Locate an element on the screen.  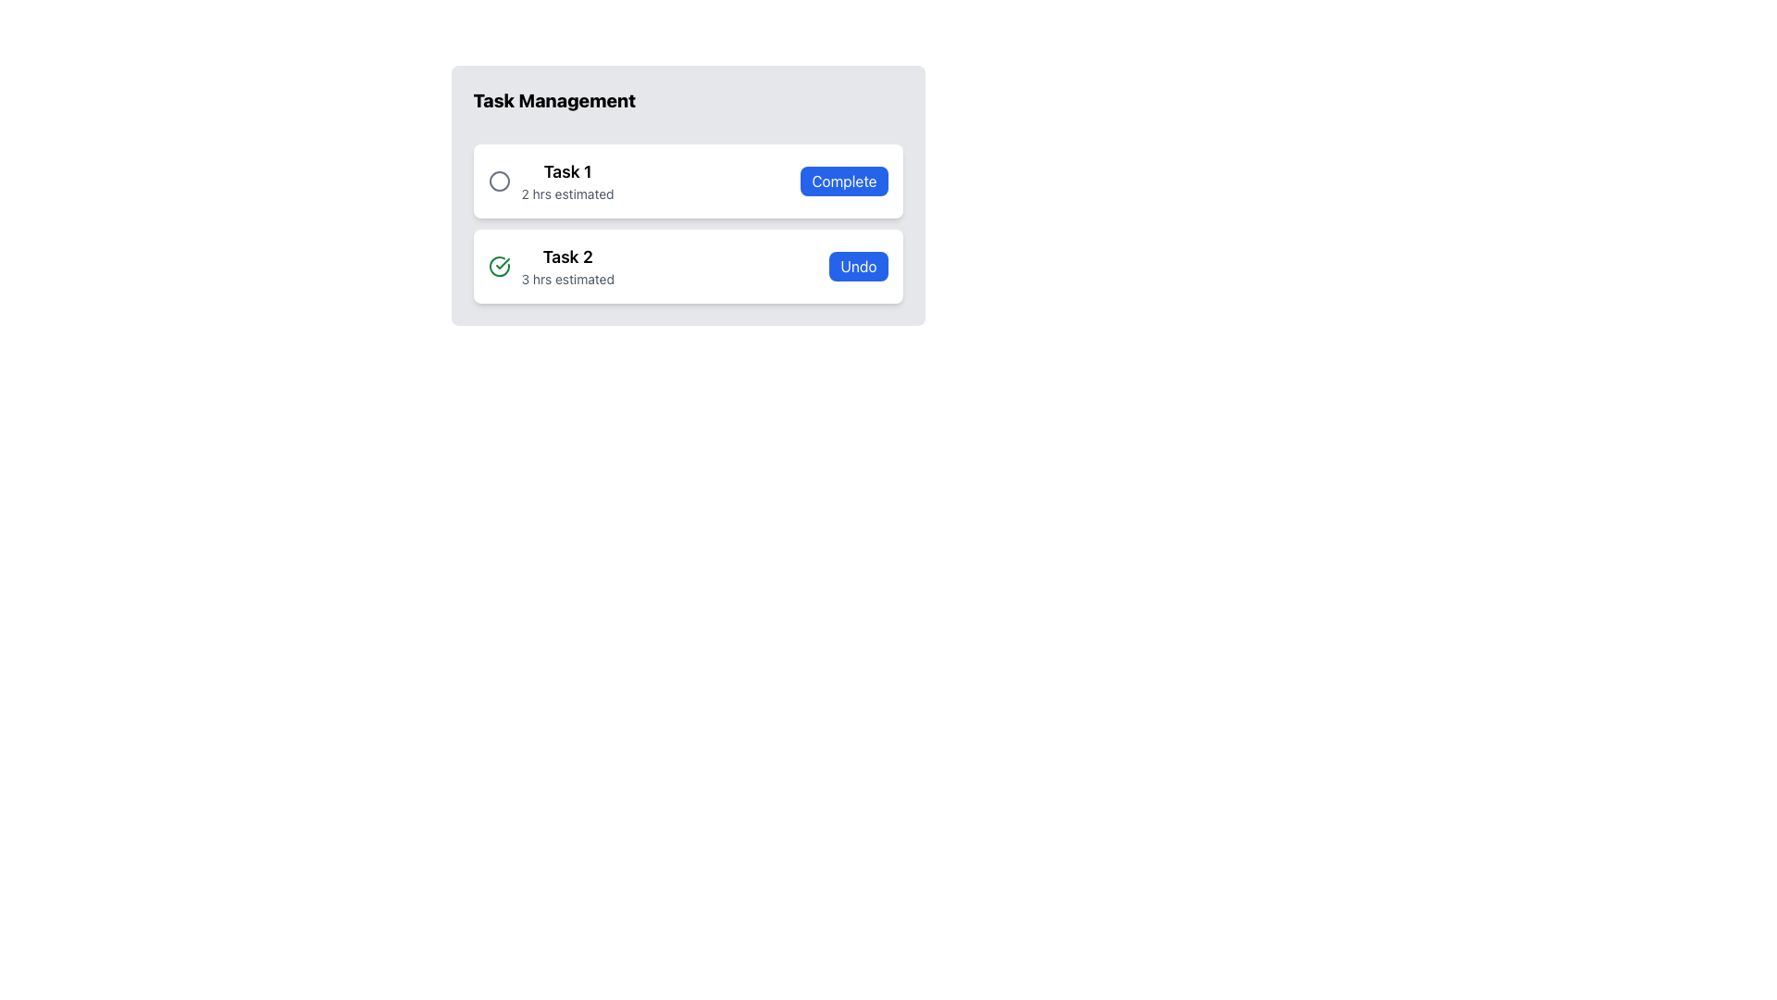
task information displayed in the text element for 'Task 1' which includes its title and estimated duration located within the first item of the list in the task management interface is located at coordinates (550, 181).